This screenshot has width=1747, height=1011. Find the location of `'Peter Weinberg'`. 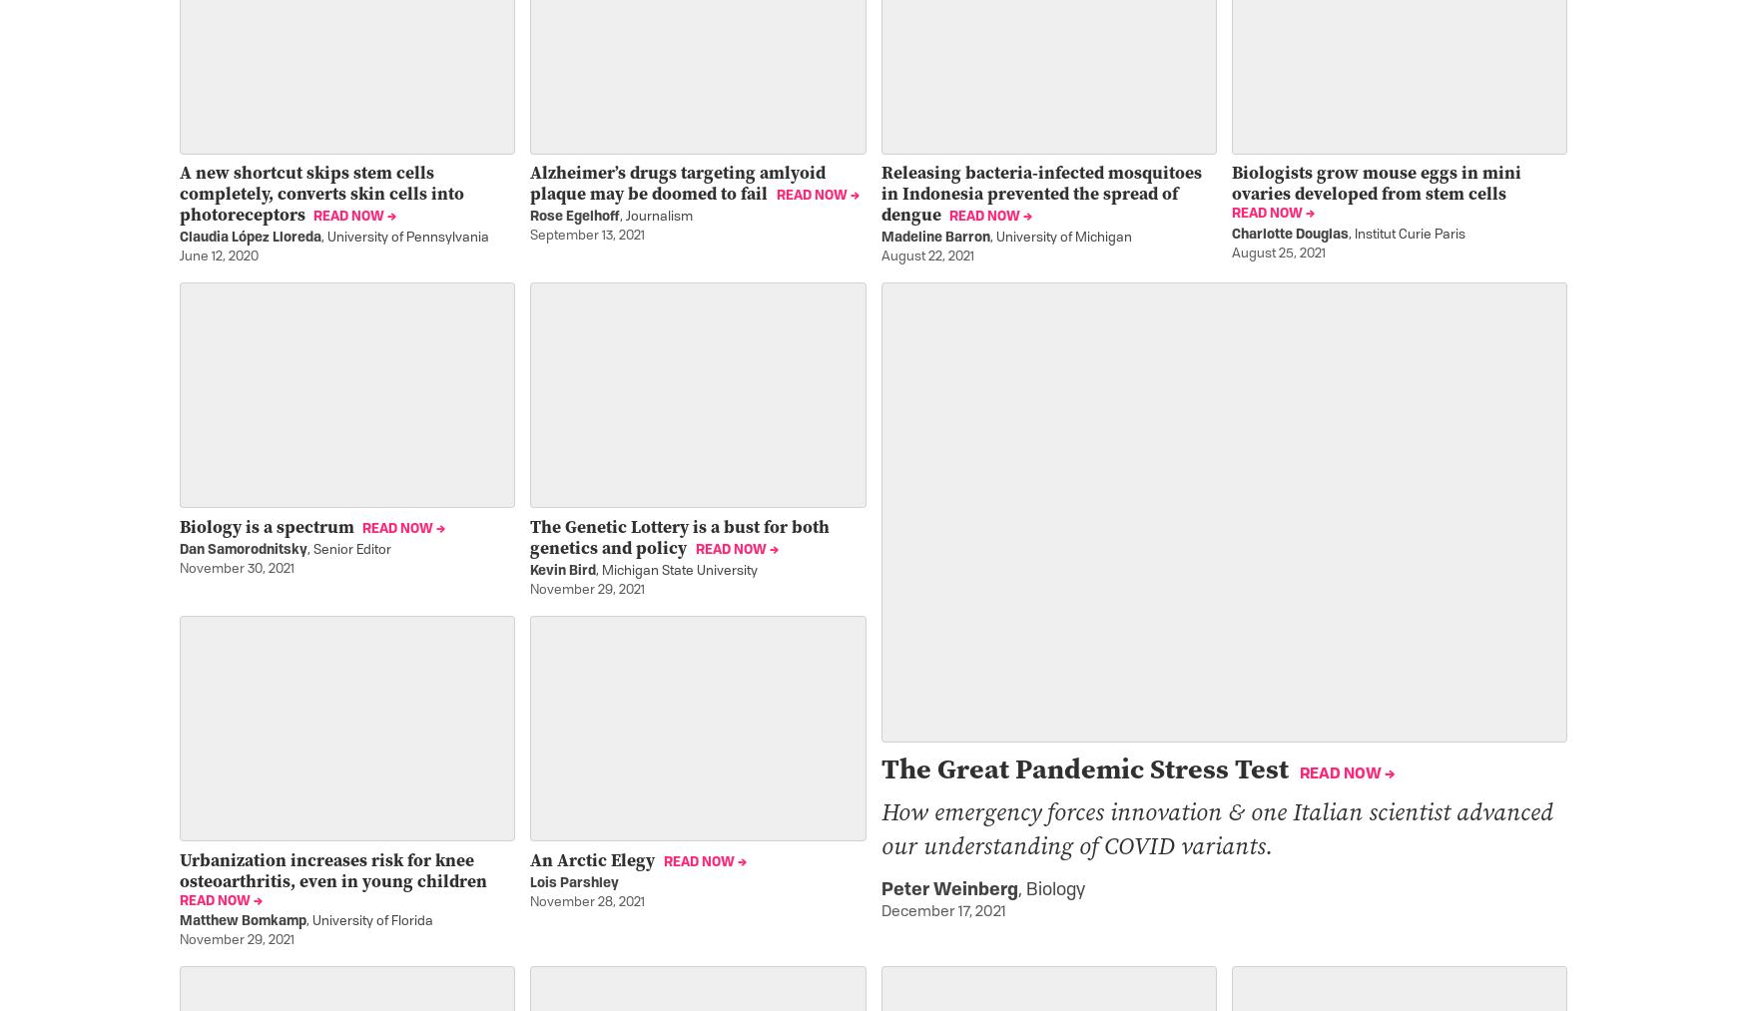

'Peter Weinberg' is located at coordinates (948, 889).